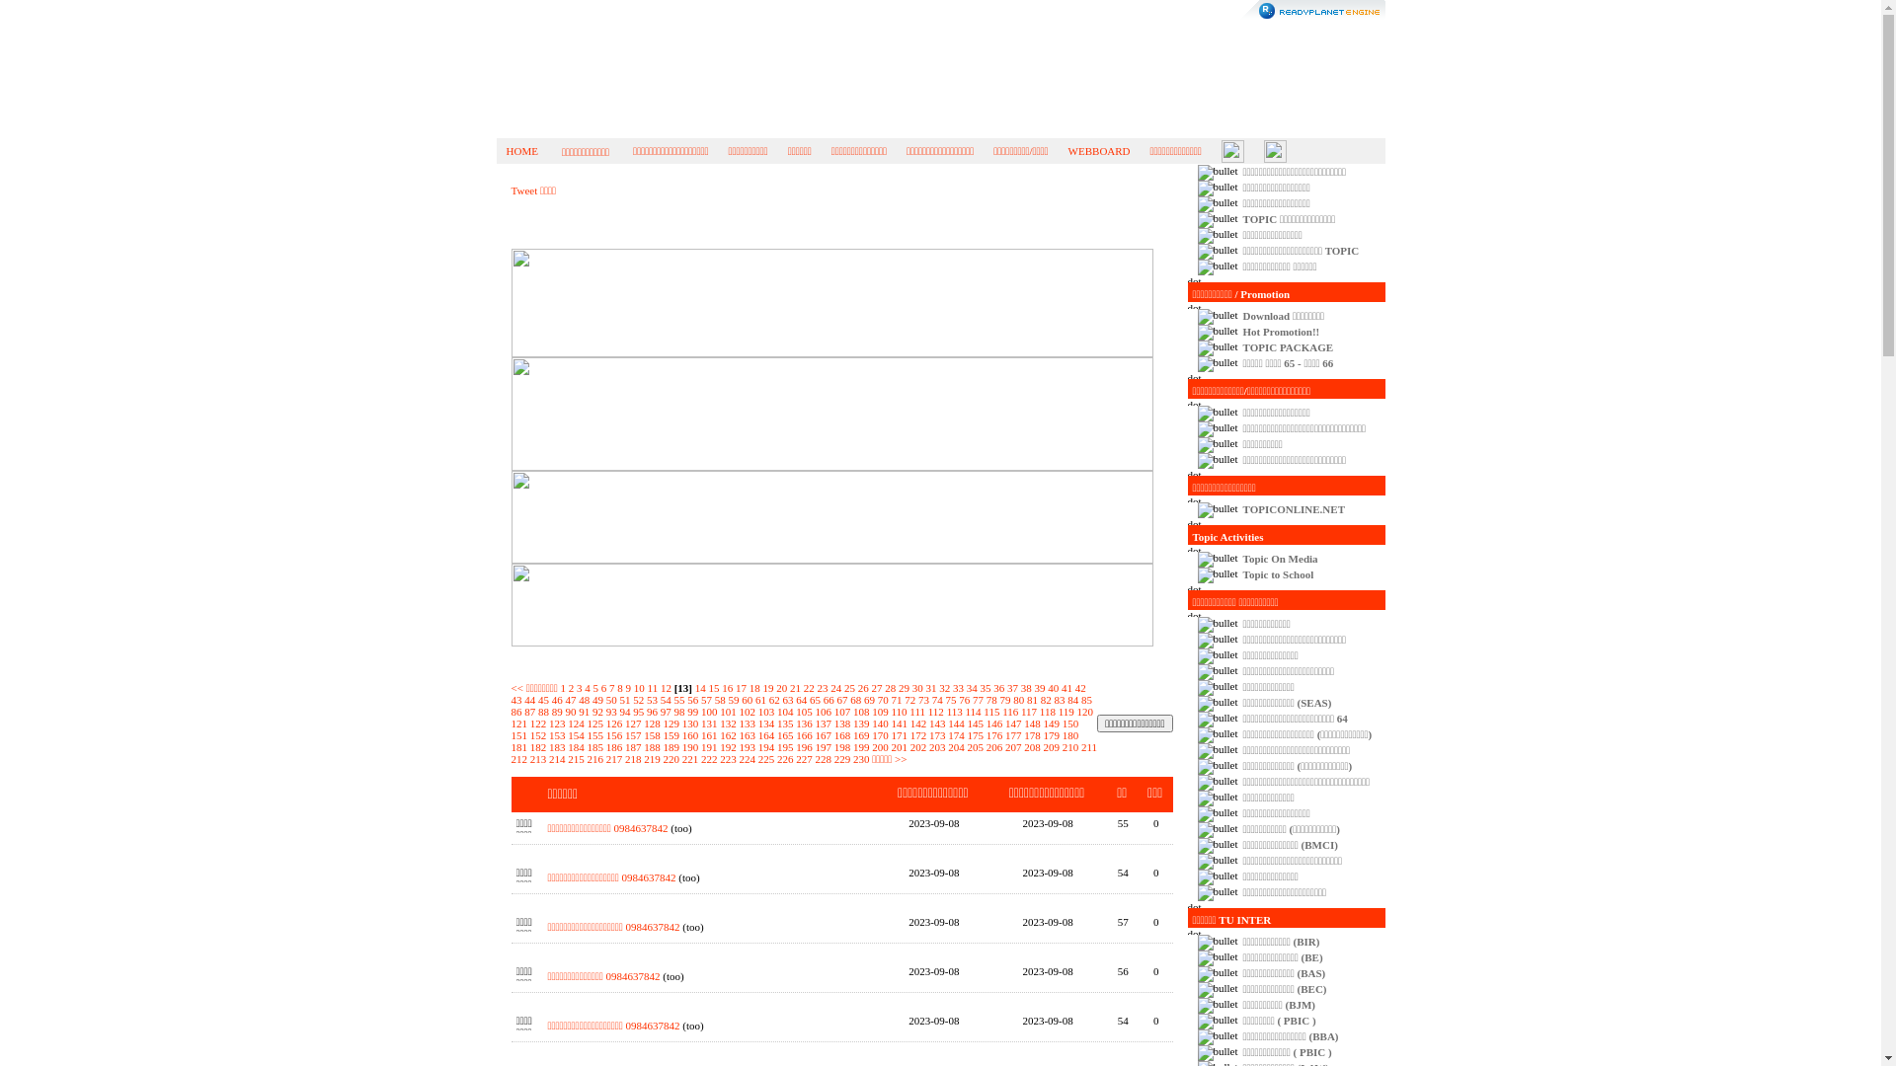 The width and height of the screenshot is (1896, 1066). I want to click on '74', so click(936, 699).